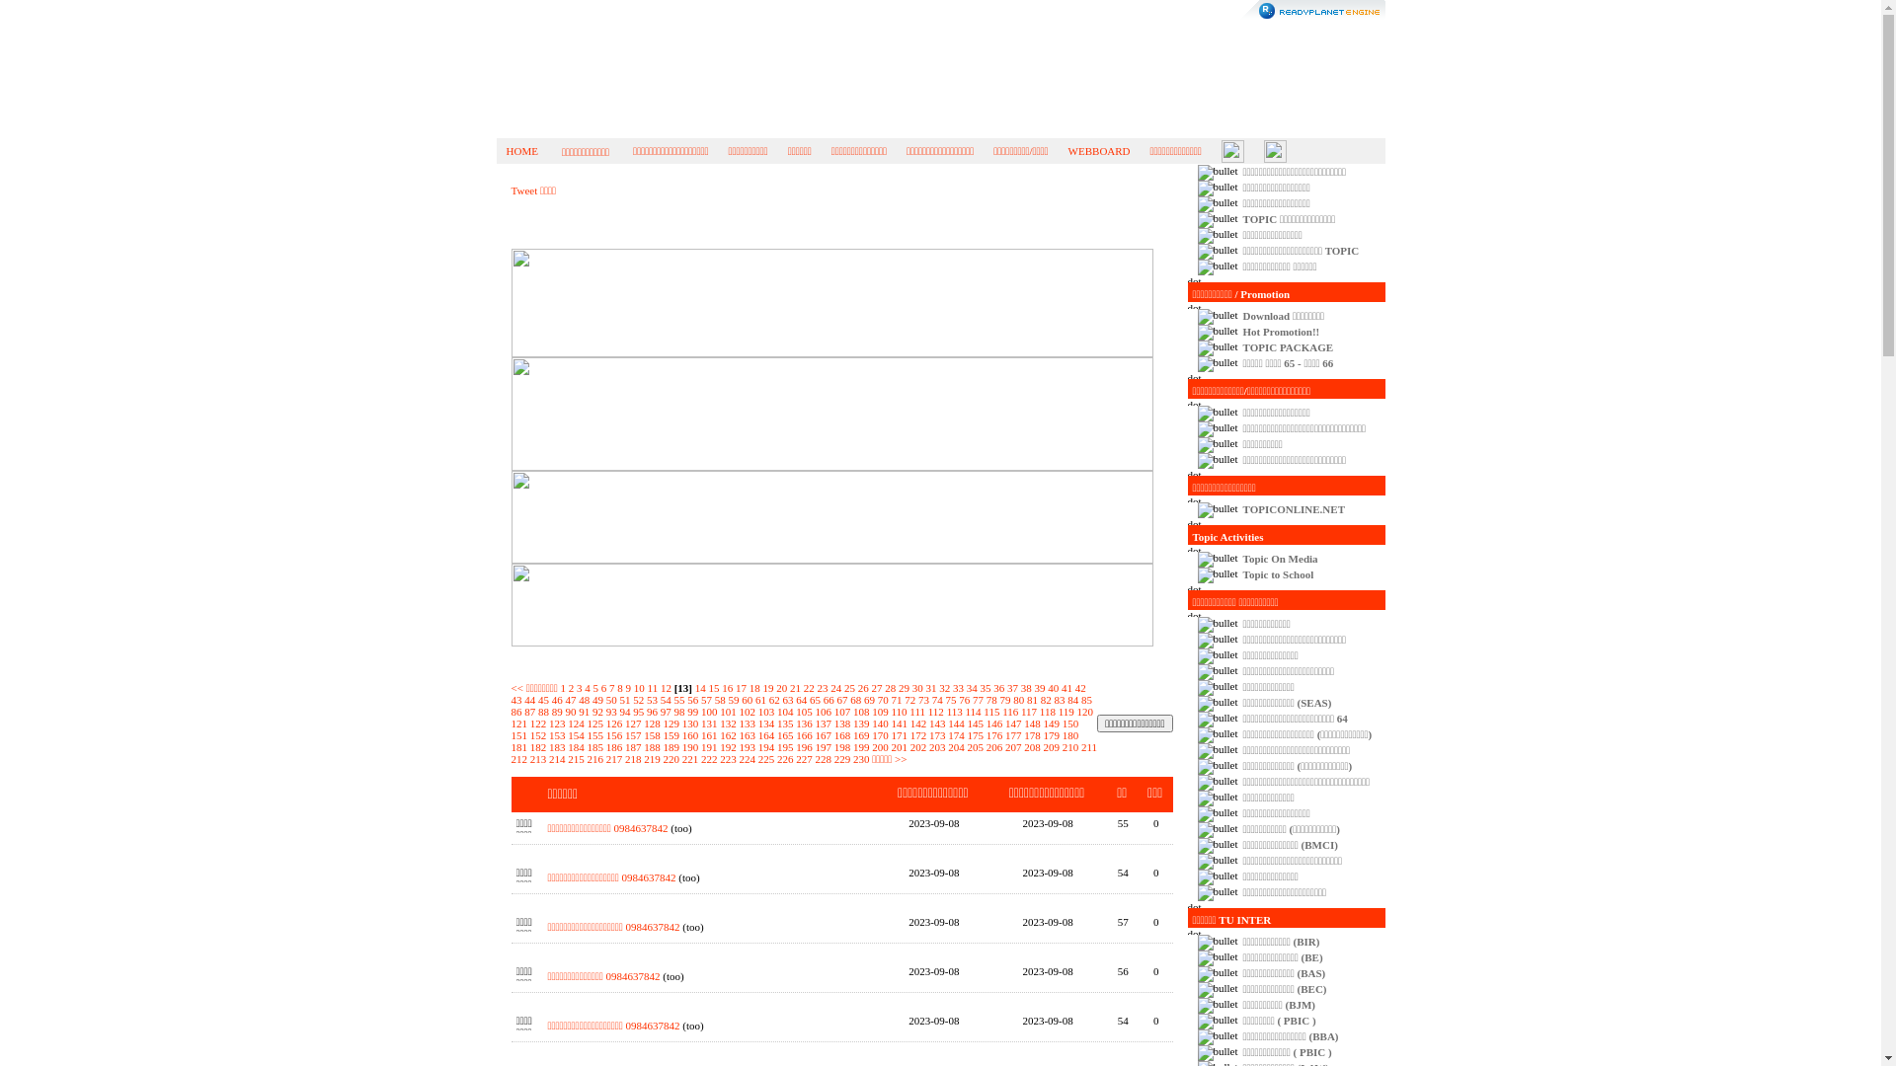 The width and height of the screenshot is (1896, 1066). I want to click on '74', so click(936, 699).